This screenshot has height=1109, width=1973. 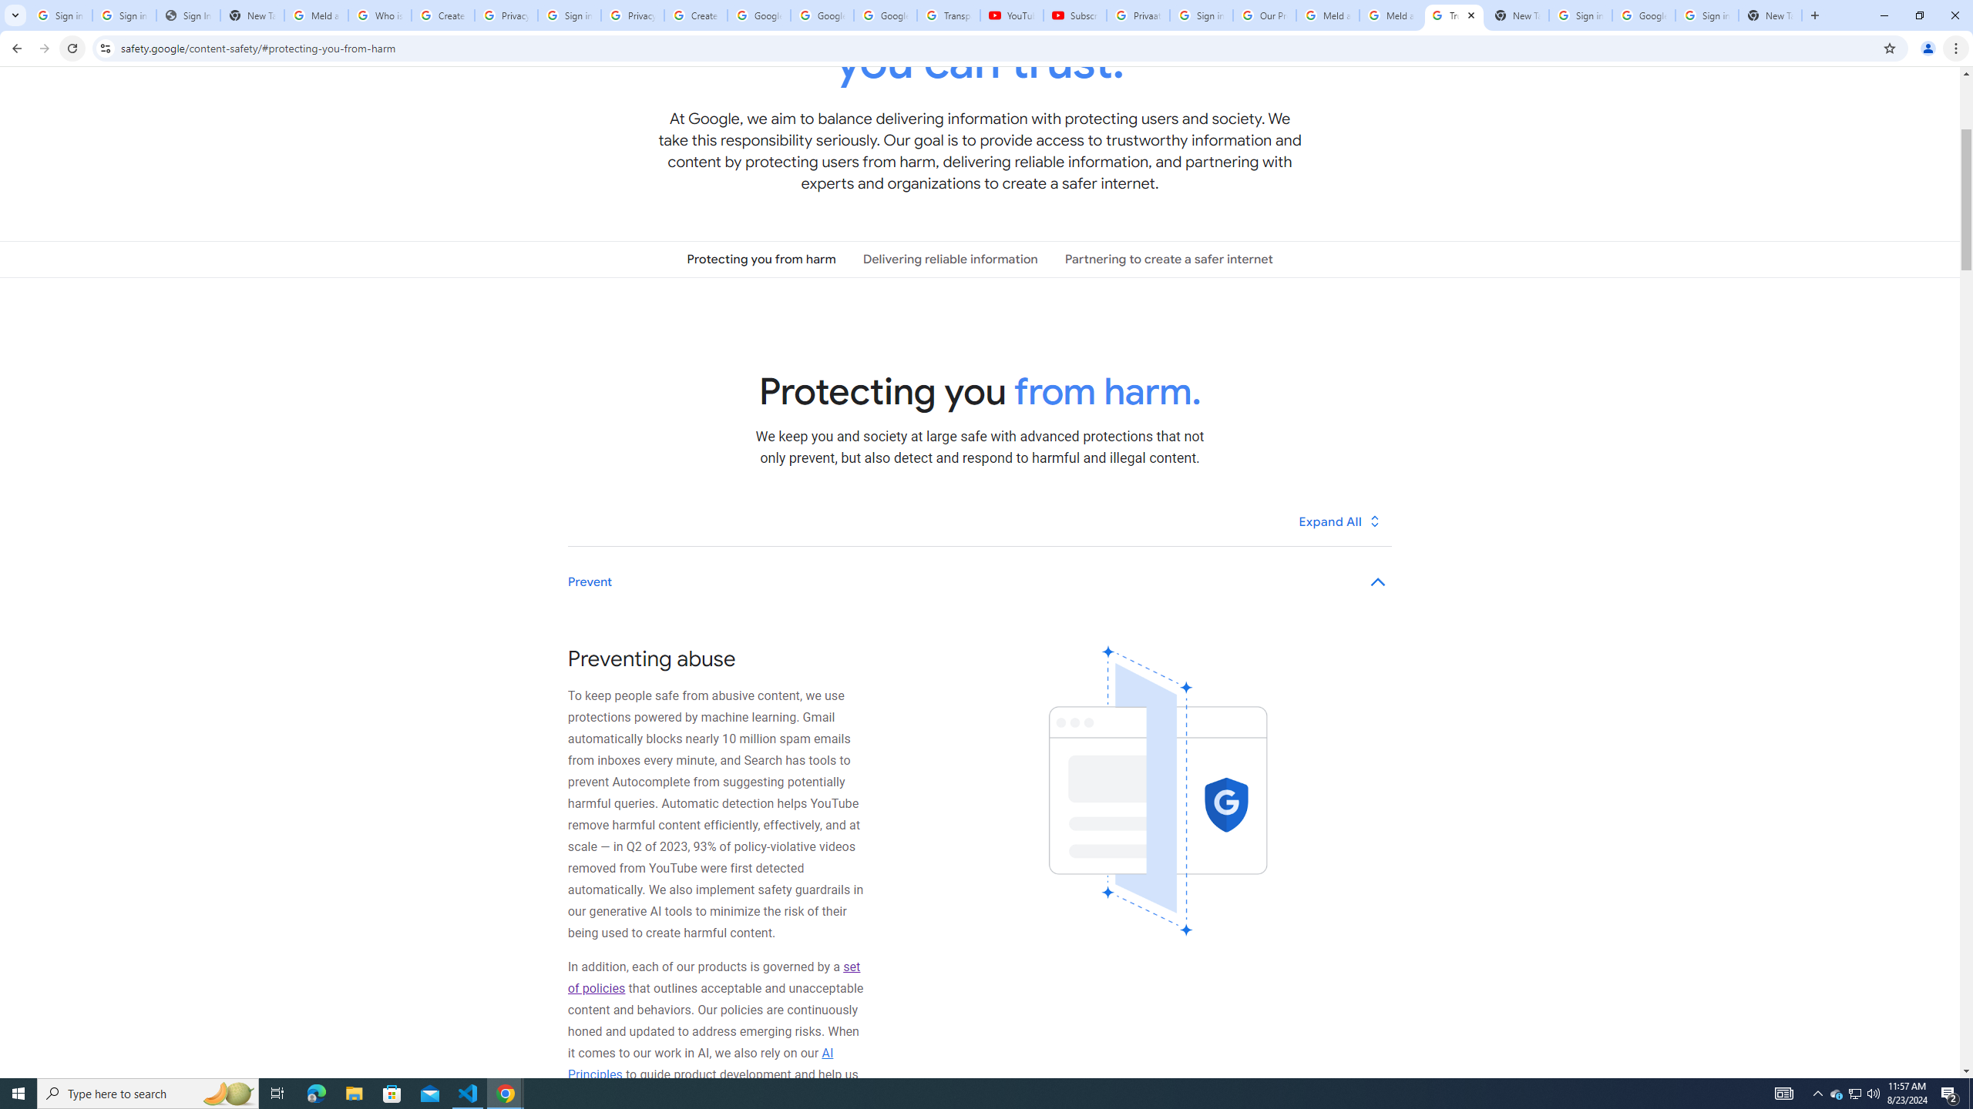 I want to click on 'Protecting you from harm', so click(x=761, y=259).